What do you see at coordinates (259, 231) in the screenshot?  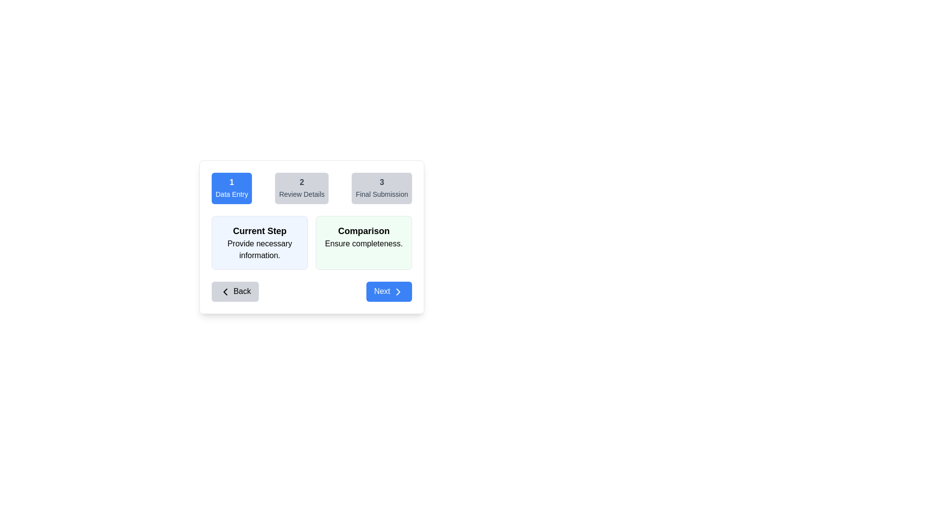 I see `the 'Current Step' text label, which is a bold, large font styled label in black on a light blue card located beneath the '1 Data Entry' tab` at bounding box center [259, 231].